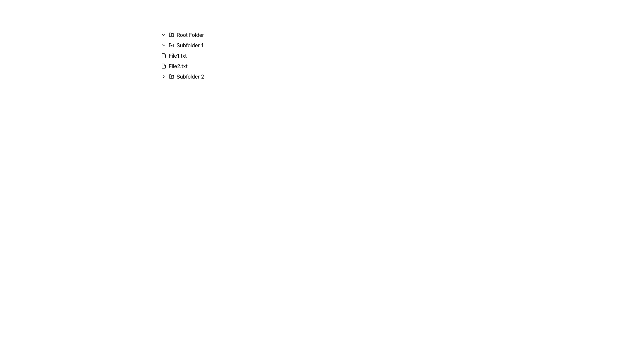 The image size is (626, 352). I want to click on the File icon representing 'File1.txt' located in 'Subfolder 1' within the file hierarchy, so click(164, 55).